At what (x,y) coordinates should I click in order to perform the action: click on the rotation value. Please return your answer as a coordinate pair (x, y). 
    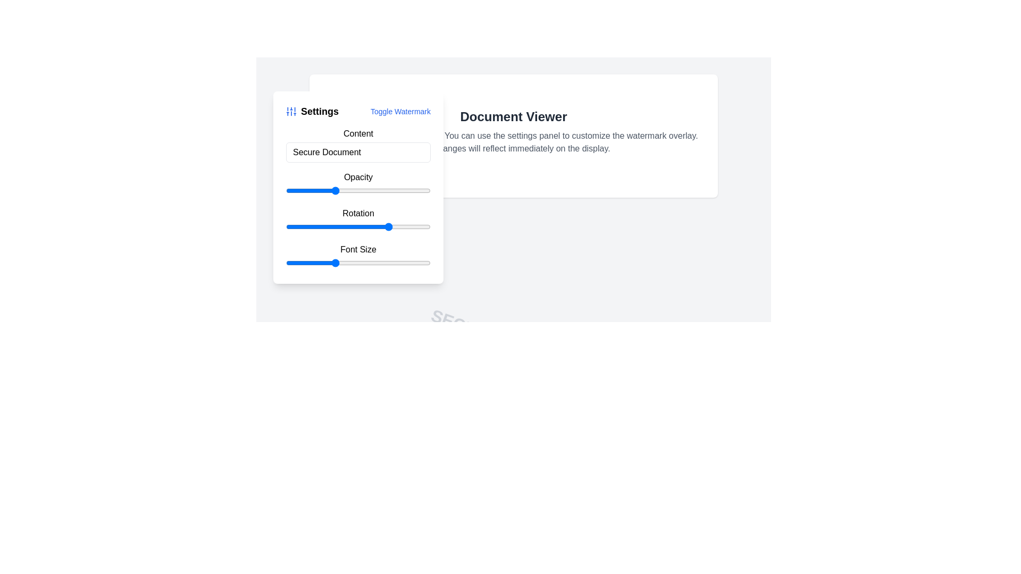
    Looking at the image, I should click on (427, 226).